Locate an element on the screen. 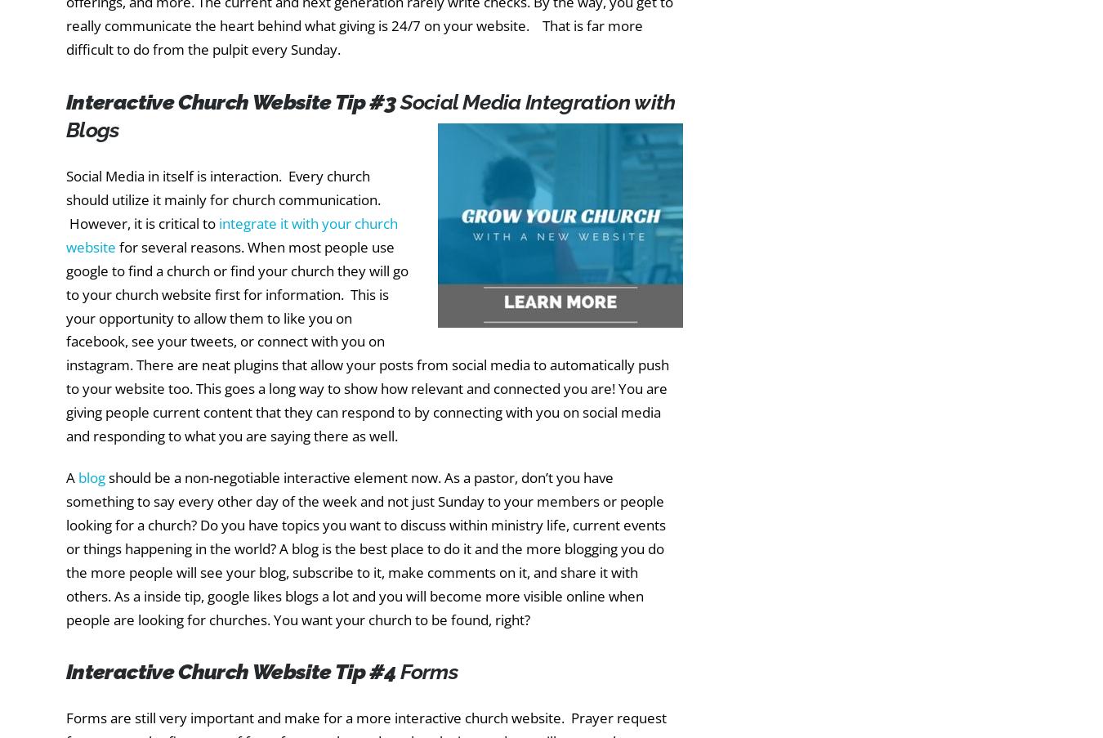 The width and height of the screenshot is (1103, 738). 'Social Media in itself is interaction.  Every church should utilize it mainly for church communication.  However, it is critical to' is located at coordinates (222, 199).